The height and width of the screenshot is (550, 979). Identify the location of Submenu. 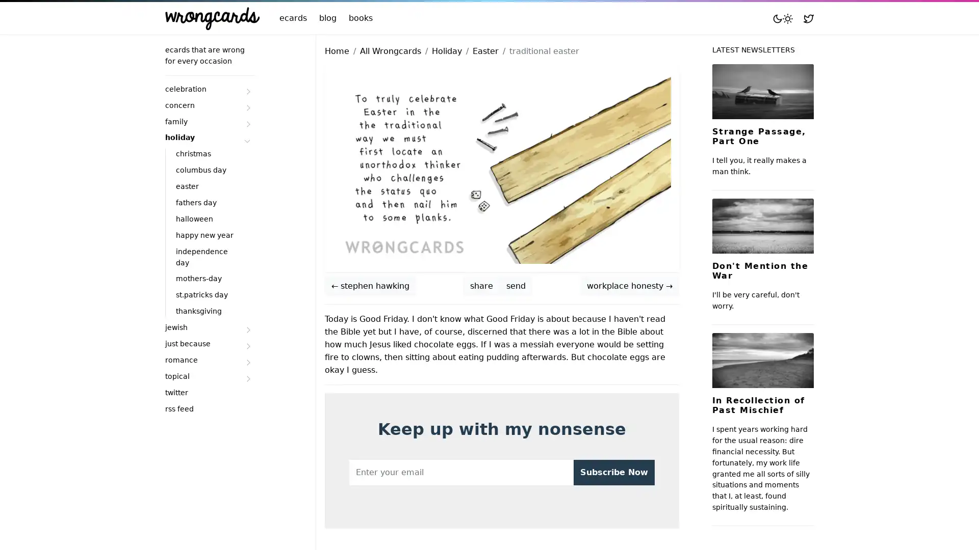
(247, 330).